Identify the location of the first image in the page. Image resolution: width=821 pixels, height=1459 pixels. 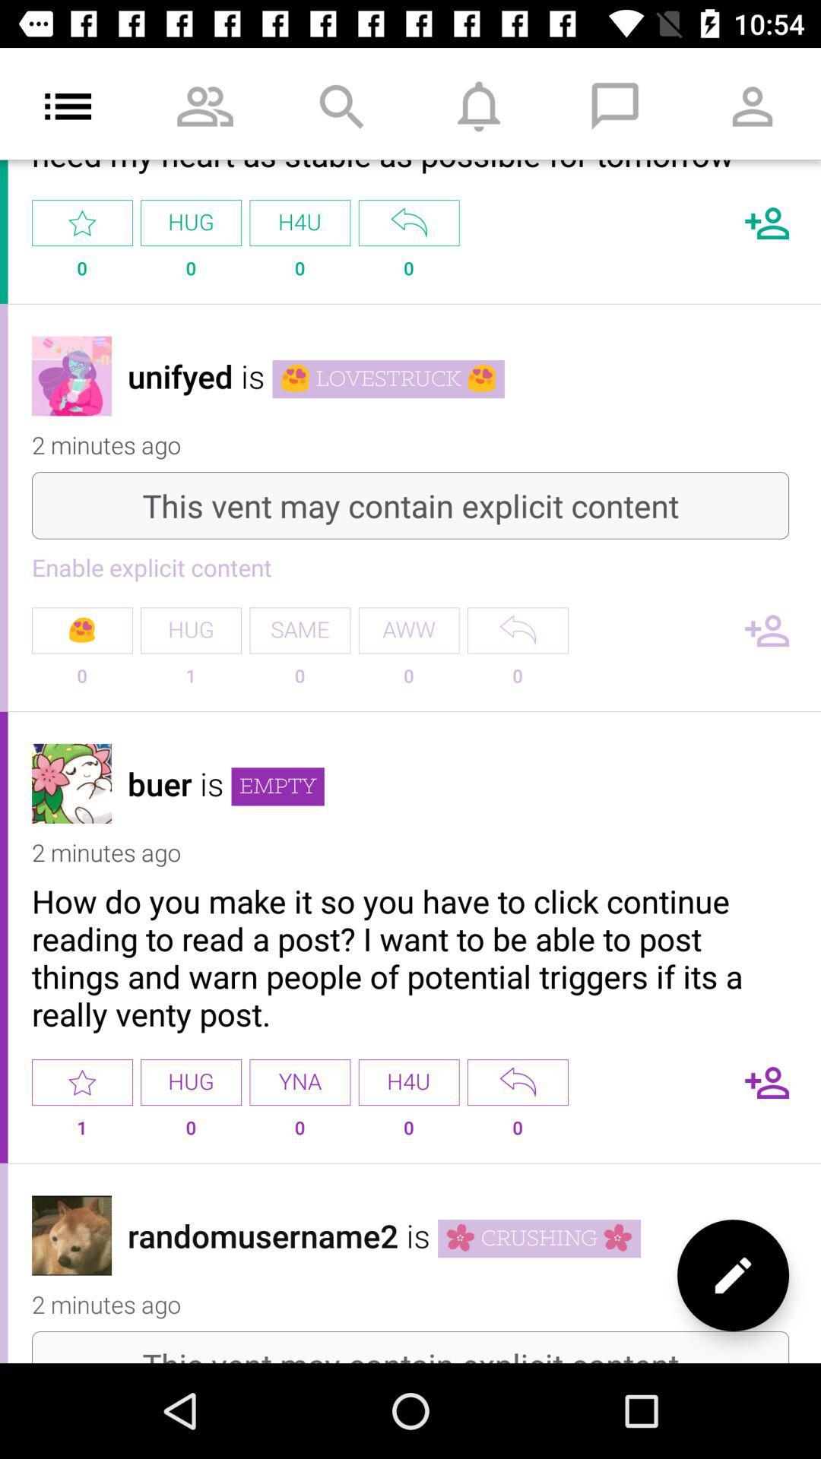
(71, 376).